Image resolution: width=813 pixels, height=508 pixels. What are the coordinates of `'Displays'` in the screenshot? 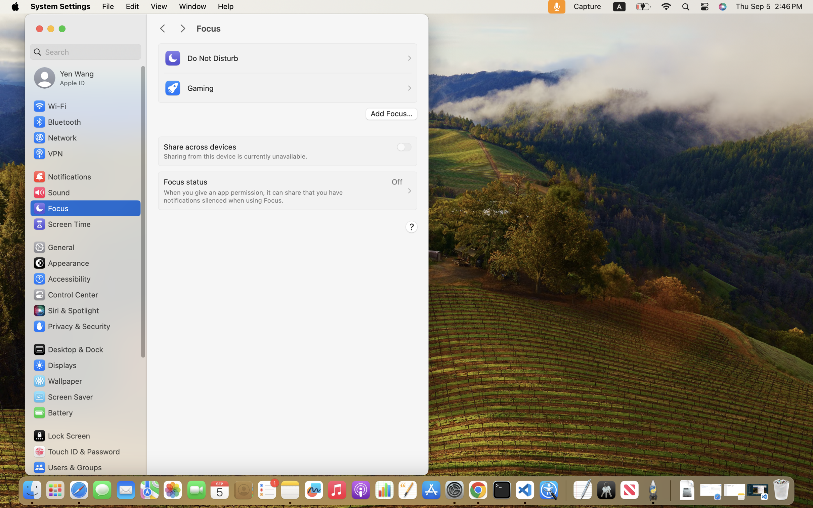 It's located at (54, 365).